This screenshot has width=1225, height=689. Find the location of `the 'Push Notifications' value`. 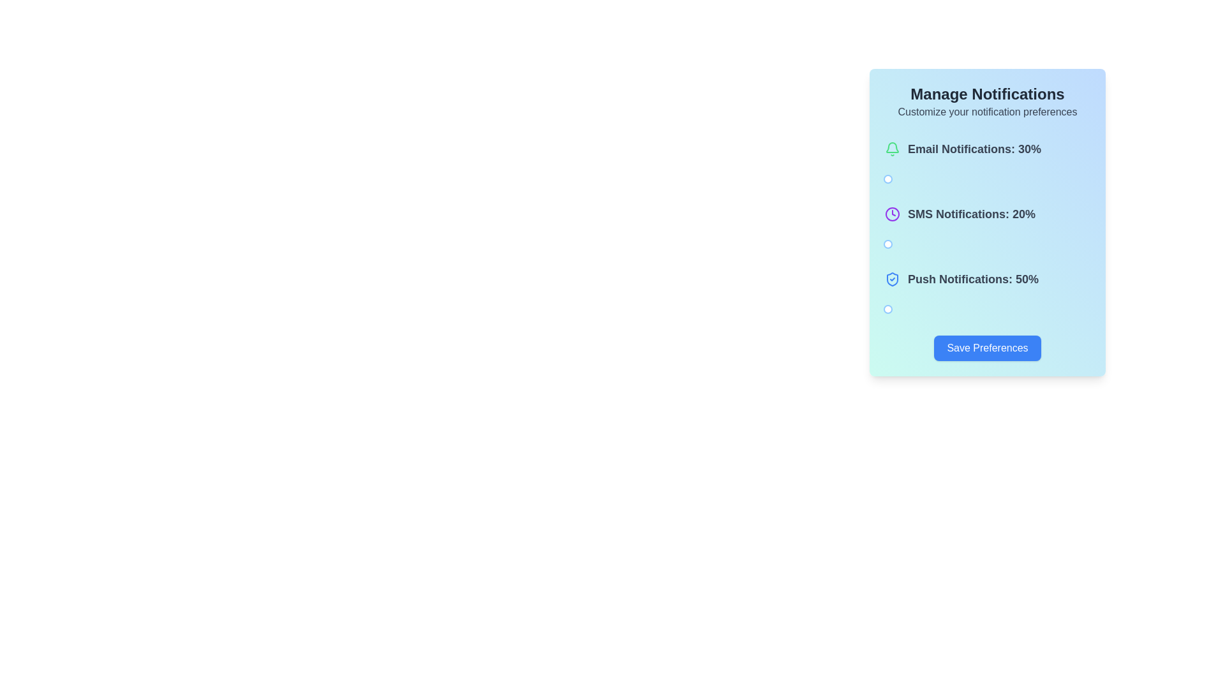

the 'Push Notifications' value is located at coordinates (943, 309).